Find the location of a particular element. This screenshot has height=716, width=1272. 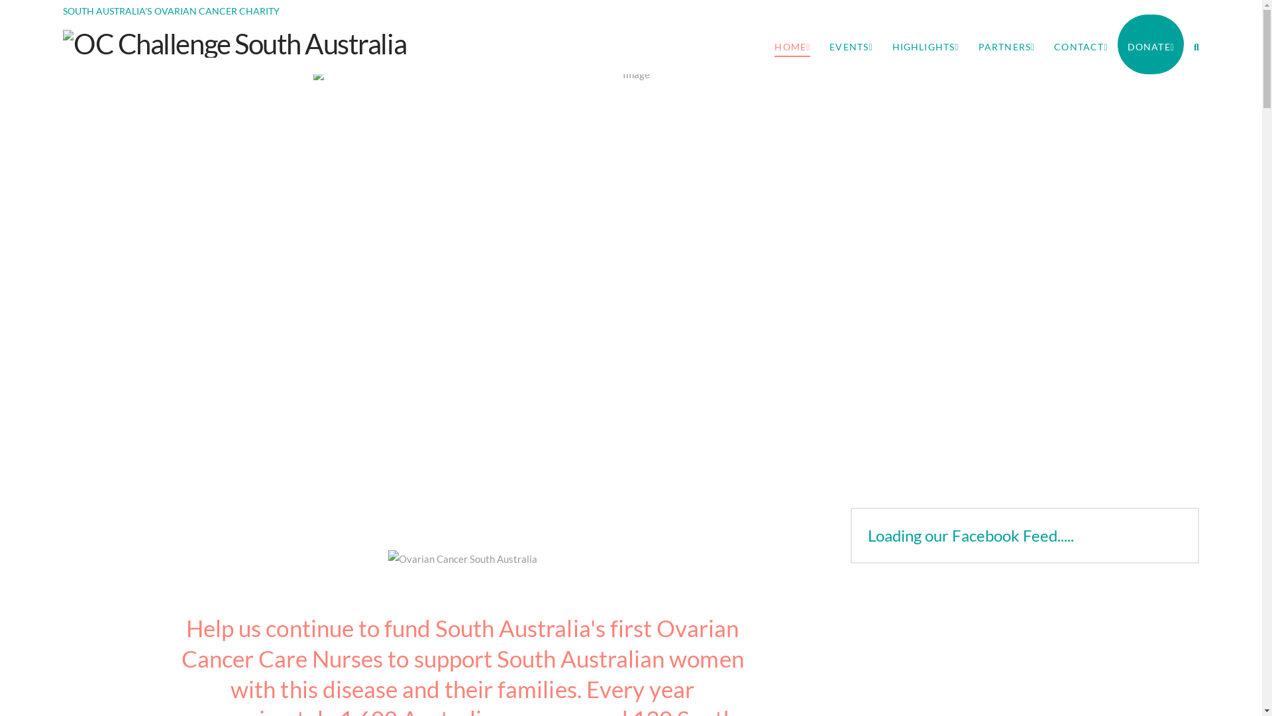

'CONTACT' is located at coordinates (1081, 43).